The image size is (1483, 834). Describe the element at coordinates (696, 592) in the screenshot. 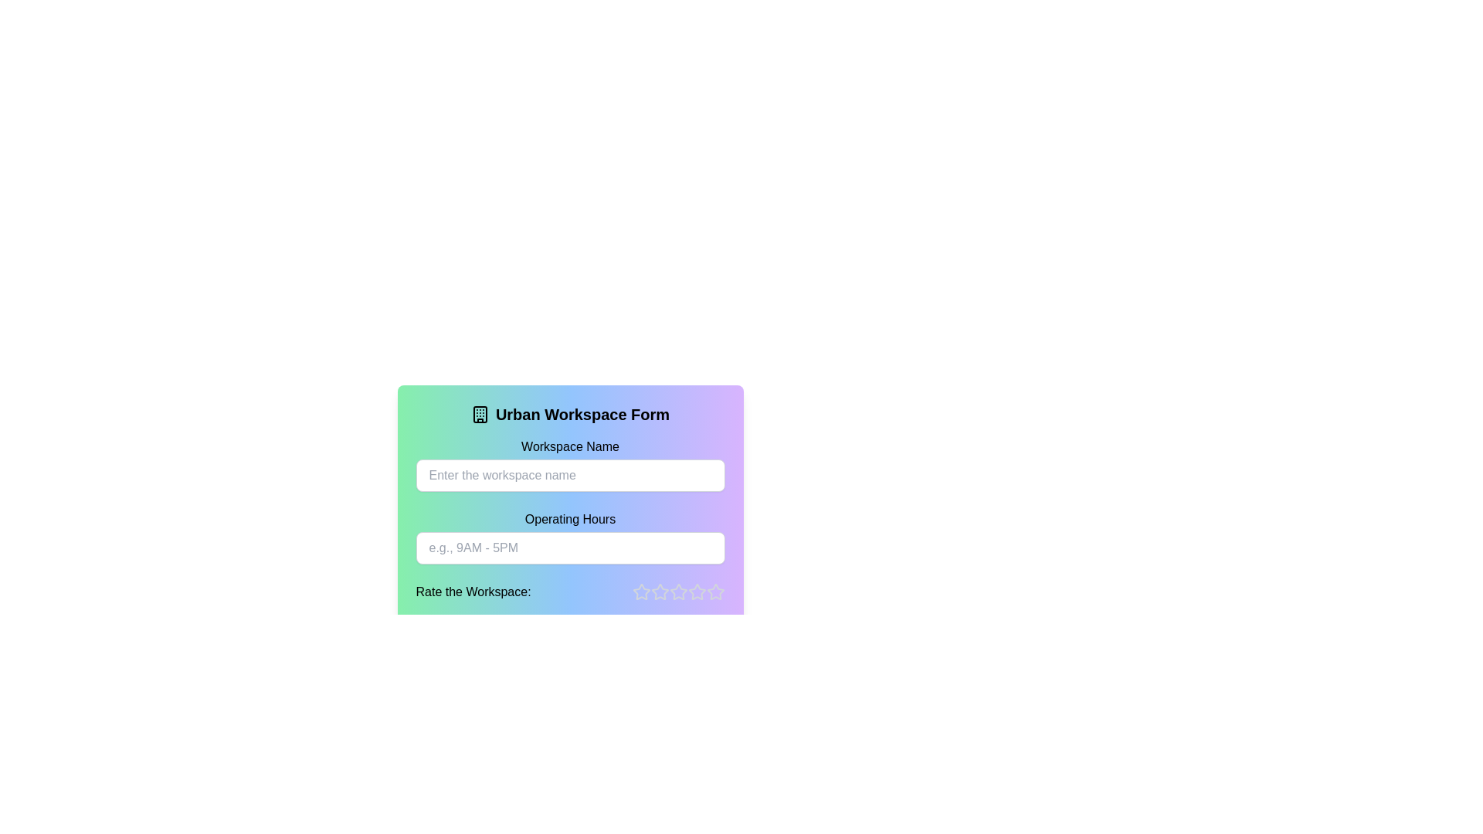

I see `the fifth hollow star icon` at that location.